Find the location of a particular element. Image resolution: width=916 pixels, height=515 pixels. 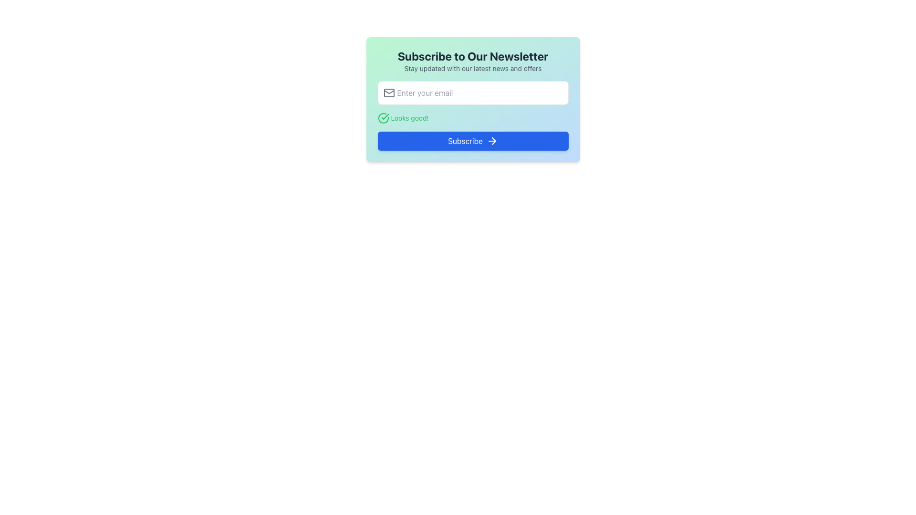

the text label that reads 'Stay updated with our latest news and offers', which is located directly below the header 'Subscribe to Our Newsletter' is located at coordinates (473, 68).